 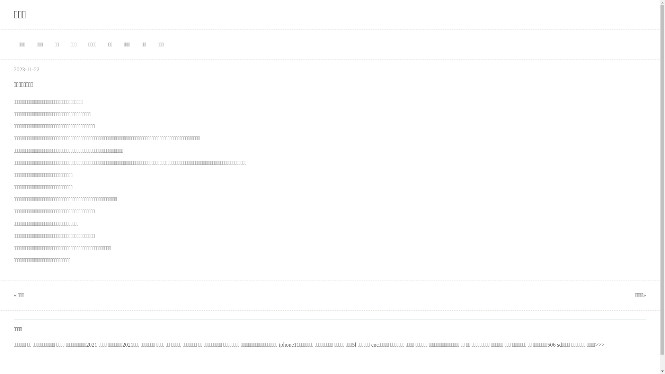 I want to click on '2023-11-22', so click(x=26, y=69).